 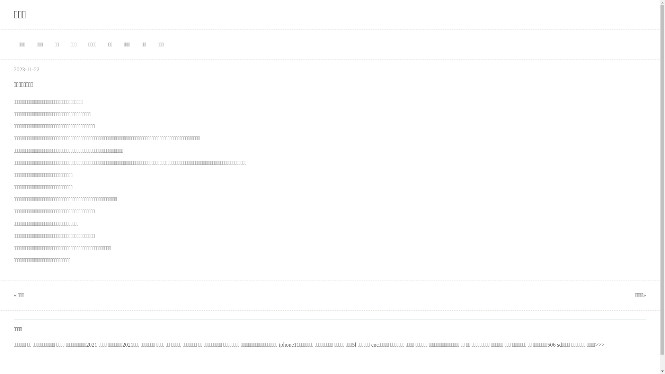 I want to click on '2023-11-22', so click(x=26, y=69).